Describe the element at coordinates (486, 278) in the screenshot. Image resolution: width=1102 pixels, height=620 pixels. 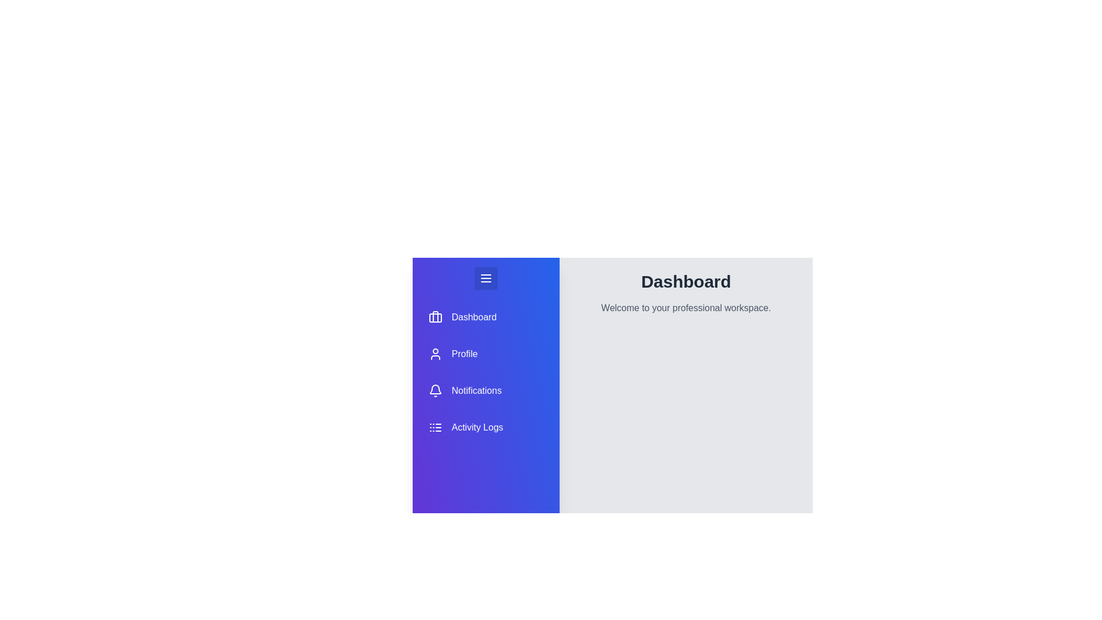
I see `drawer toggle button to toggle the drawer open or closed` at that location.